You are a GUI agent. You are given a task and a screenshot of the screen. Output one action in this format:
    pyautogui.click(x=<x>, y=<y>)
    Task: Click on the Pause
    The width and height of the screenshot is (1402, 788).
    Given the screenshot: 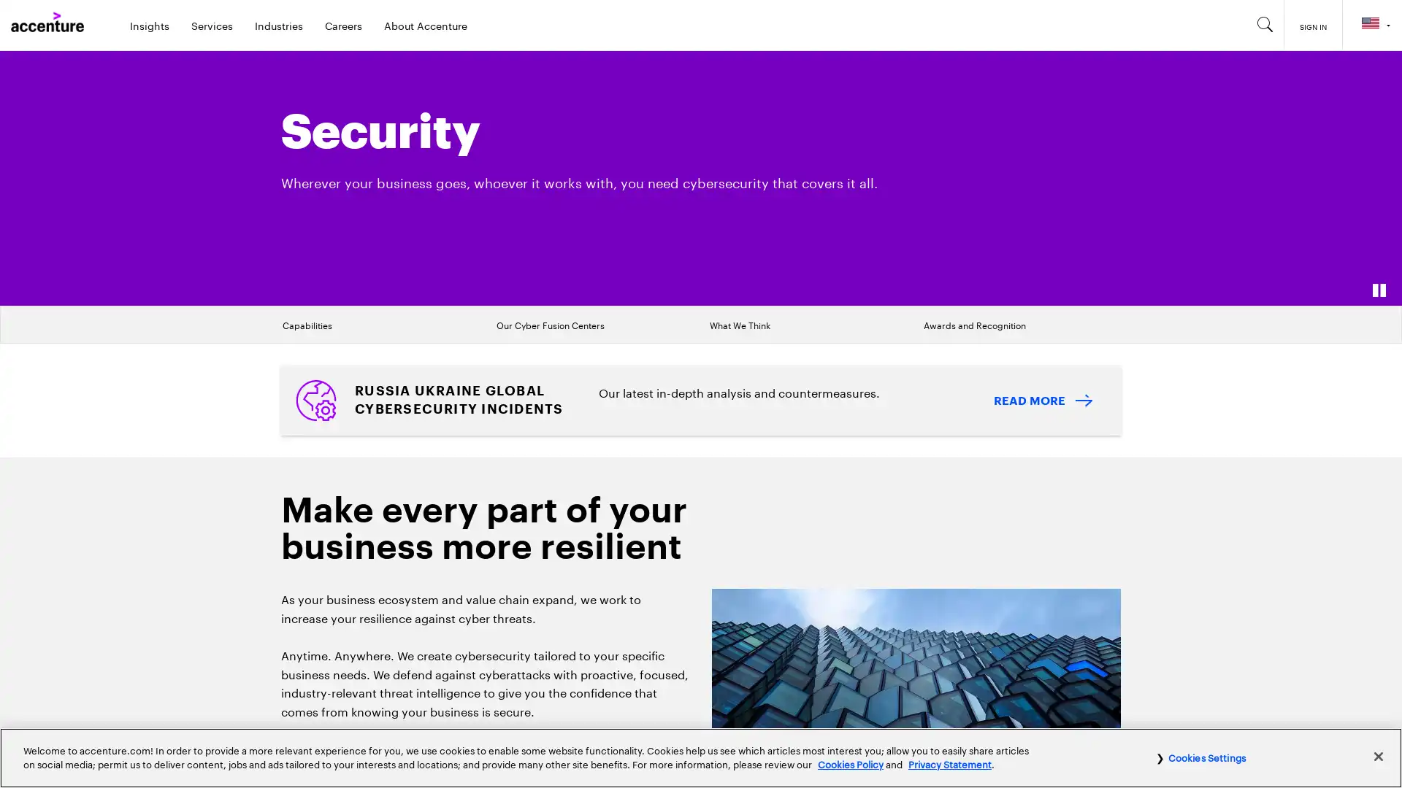 What is the action you would take?
    pyautogui.click(x=1377, y=290)
    